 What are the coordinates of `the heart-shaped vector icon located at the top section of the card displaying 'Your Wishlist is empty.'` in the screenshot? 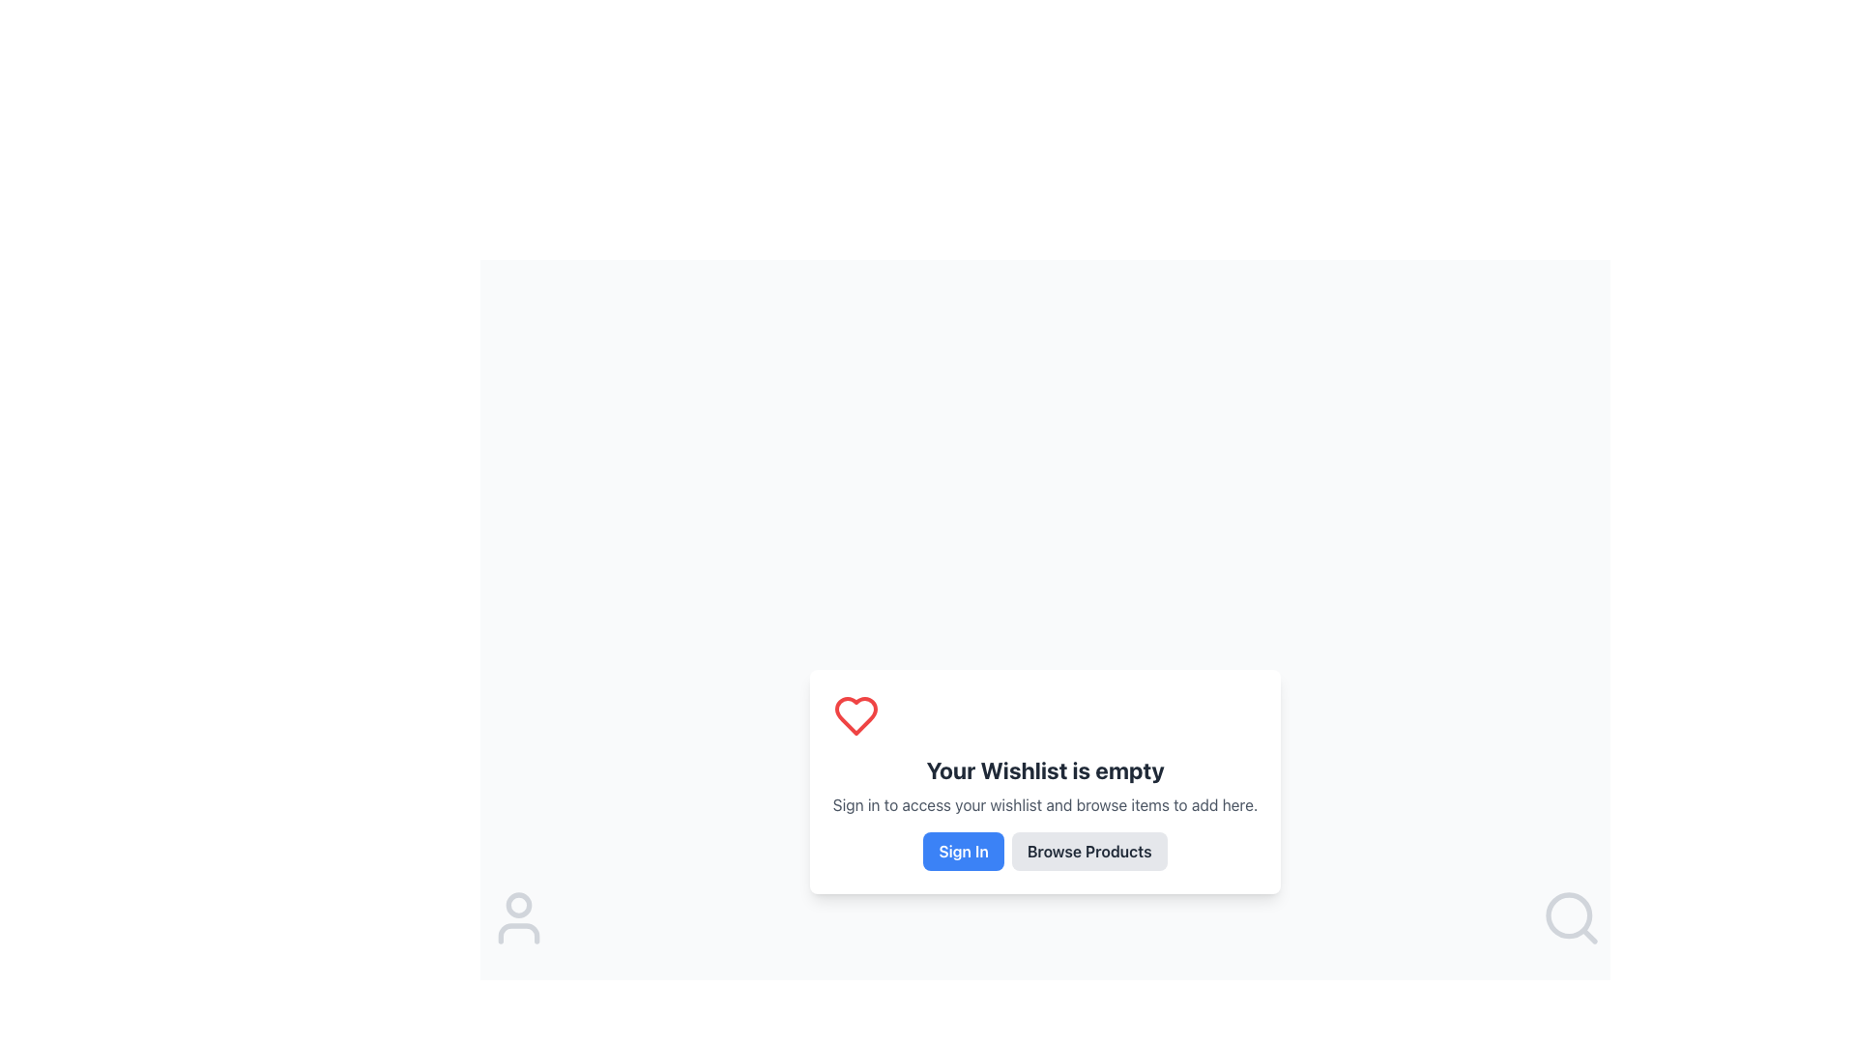 It's located at (855, 715).